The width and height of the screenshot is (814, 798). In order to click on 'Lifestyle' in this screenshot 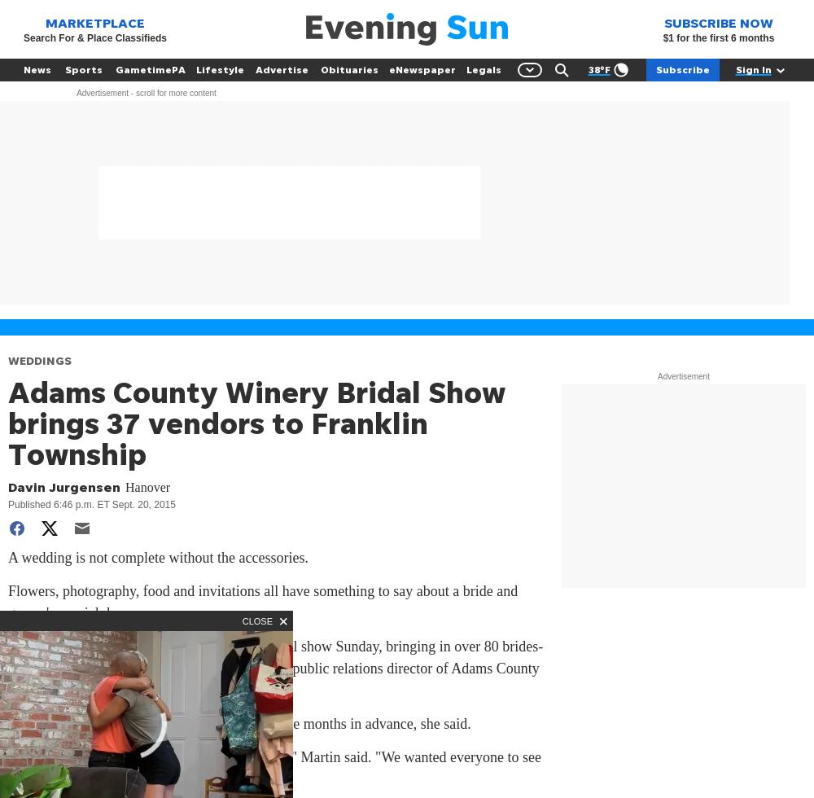, I will do `click(219, 69)`.